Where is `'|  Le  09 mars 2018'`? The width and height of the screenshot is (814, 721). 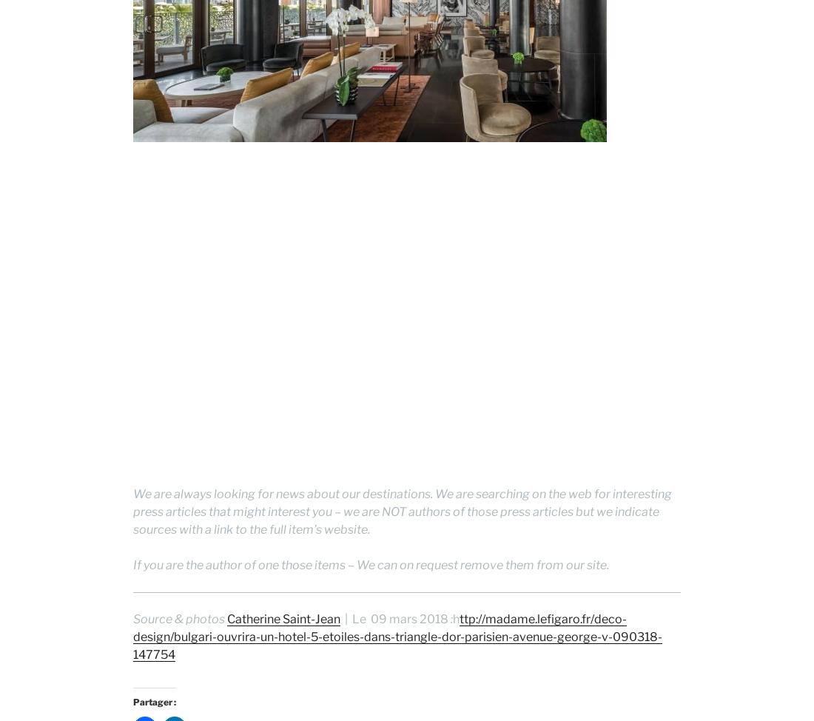 '|  Le  09 mars 2018' is located at coordinates (395, 618).